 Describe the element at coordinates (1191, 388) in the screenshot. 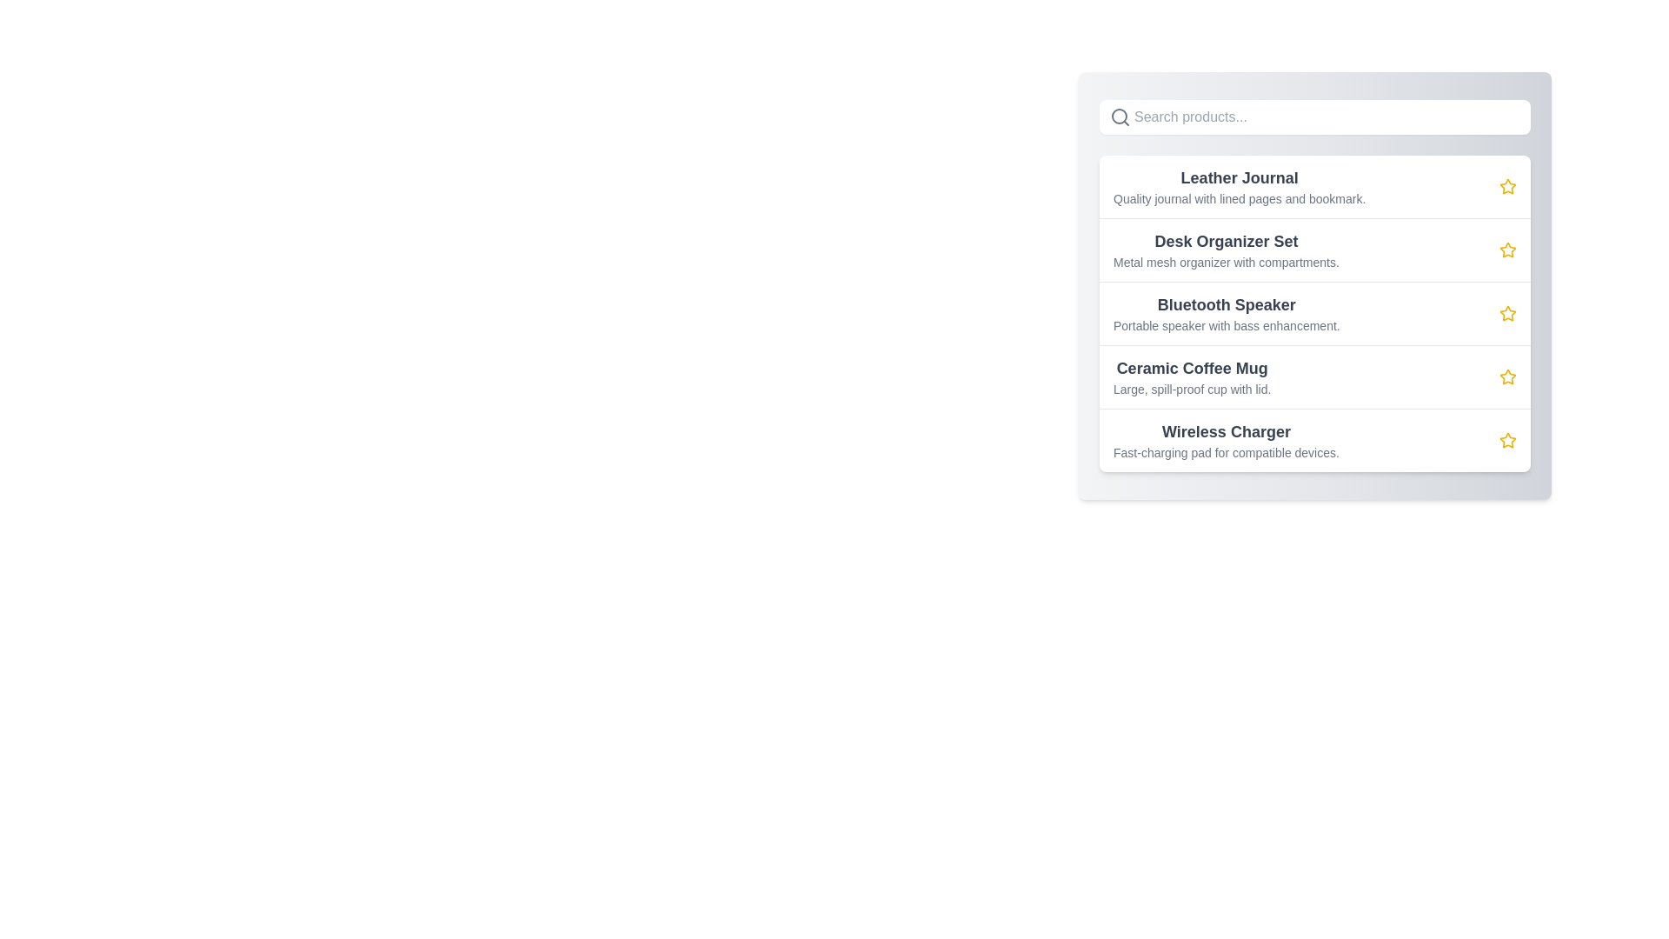

I see `the surrounding area of the text label providing details about the product 'Ceramic Coffee Mug', which is located below its title in the product description list` at that location.